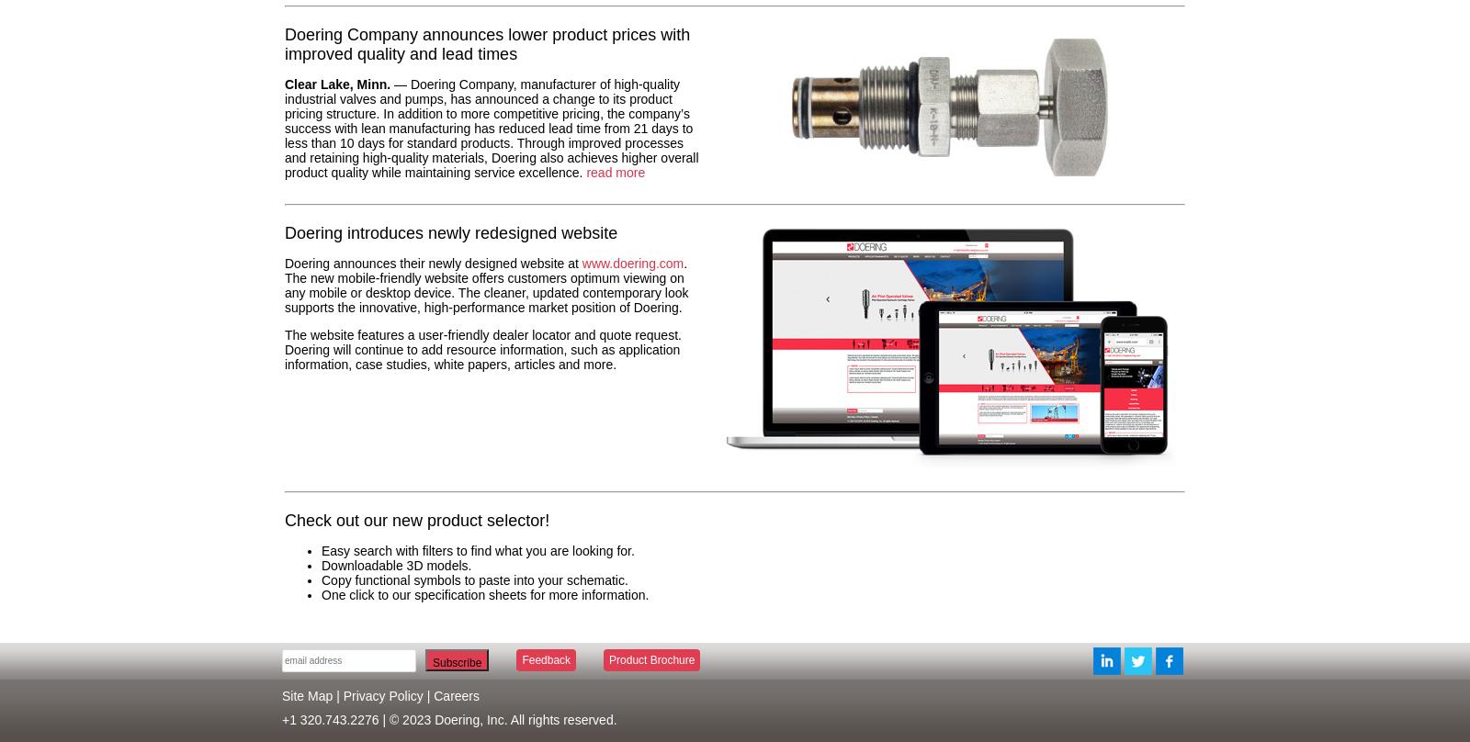 This screenshot has width=1470, height=742. What do you see at coordinates (632, 264) in the screenshot?
I see `'www.doering.com'` at bounding box center [632, 264].